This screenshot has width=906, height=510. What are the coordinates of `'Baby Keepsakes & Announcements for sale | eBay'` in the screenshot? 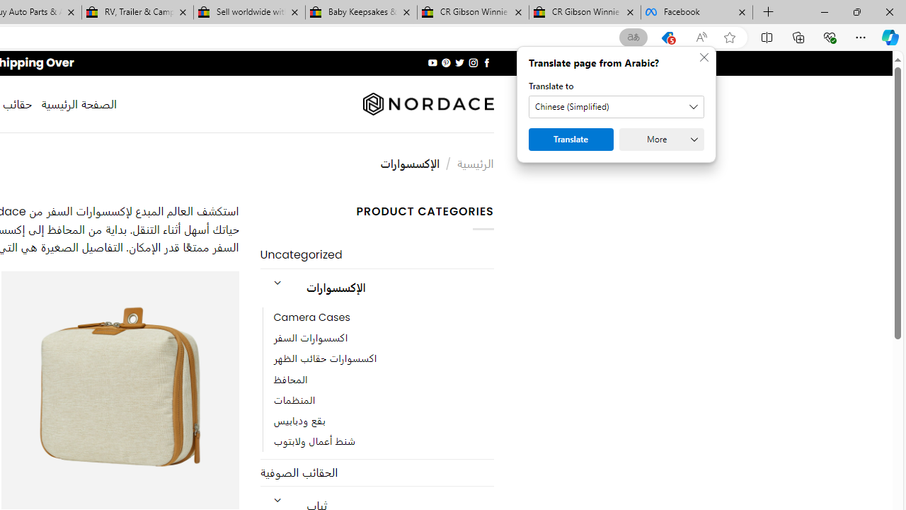 It's located at (361, 12).